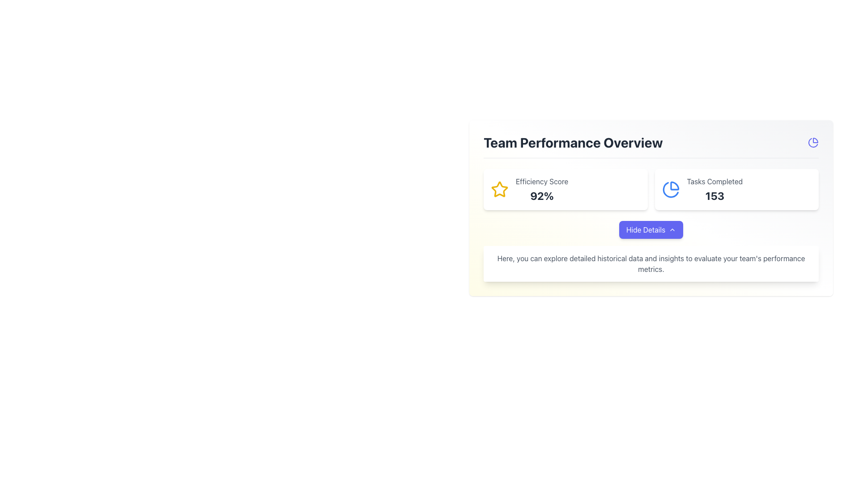 The image size is (859, 483). I want to click on the upper-right segment of the pie chart icon representing data in the 'Team Performance Overview' section, so click(674, 185).